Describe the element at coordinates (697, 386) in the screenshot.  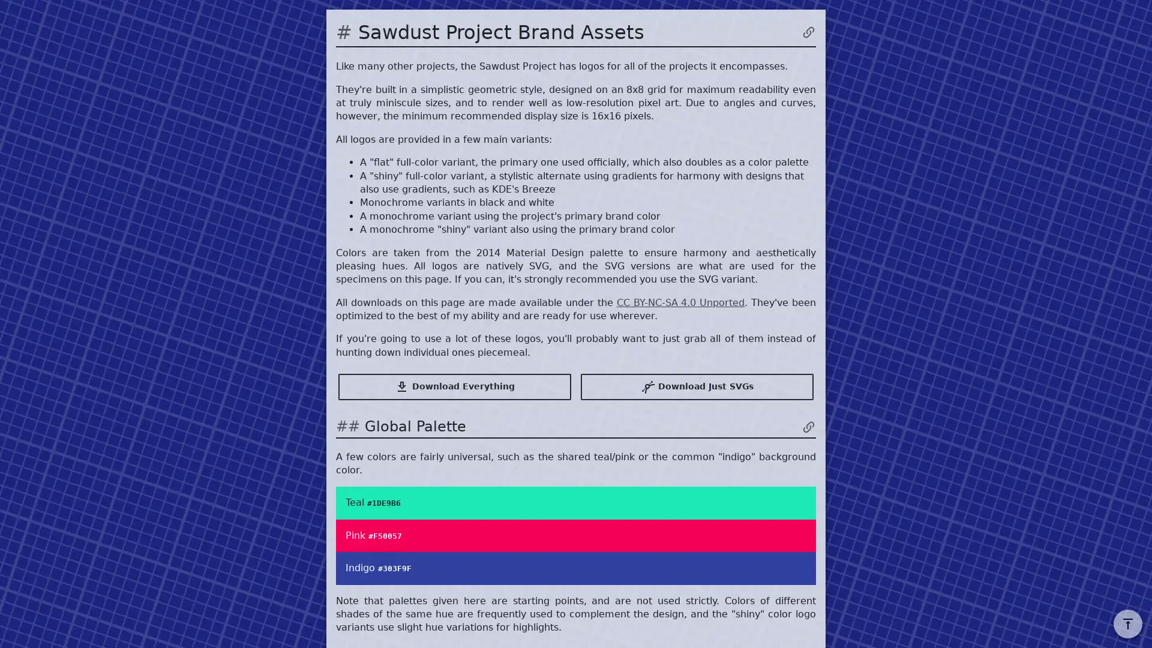
I see `Download Just SVGs` at that location.